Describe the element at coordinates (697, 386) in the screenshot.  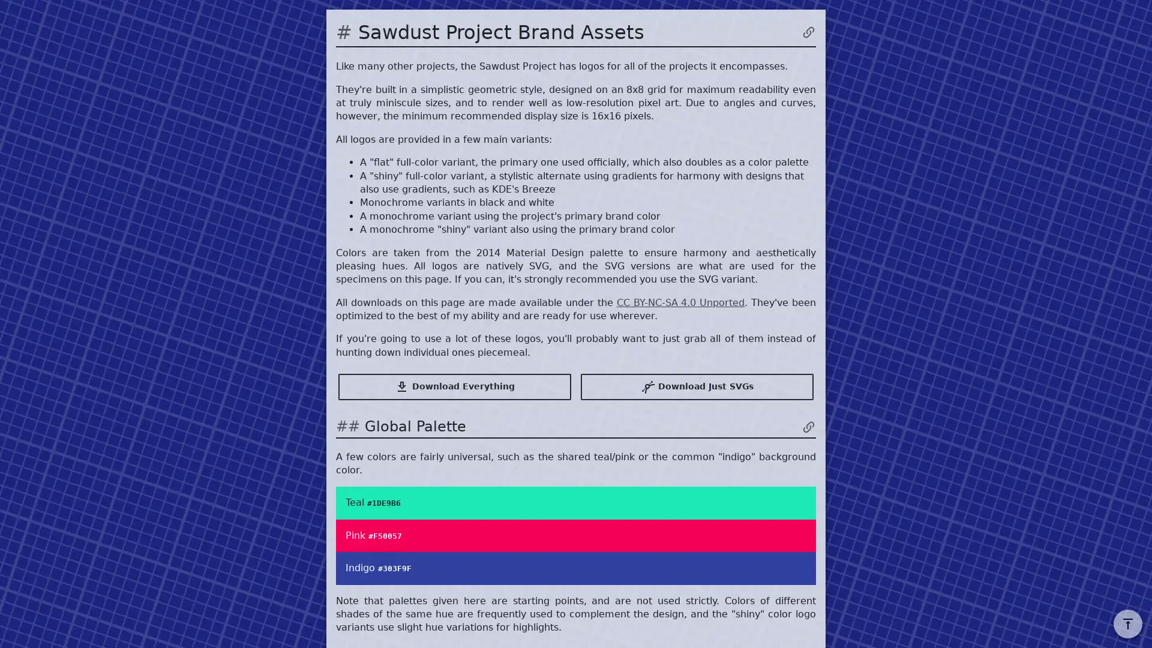
I see `Download Just SVGs` at that location.